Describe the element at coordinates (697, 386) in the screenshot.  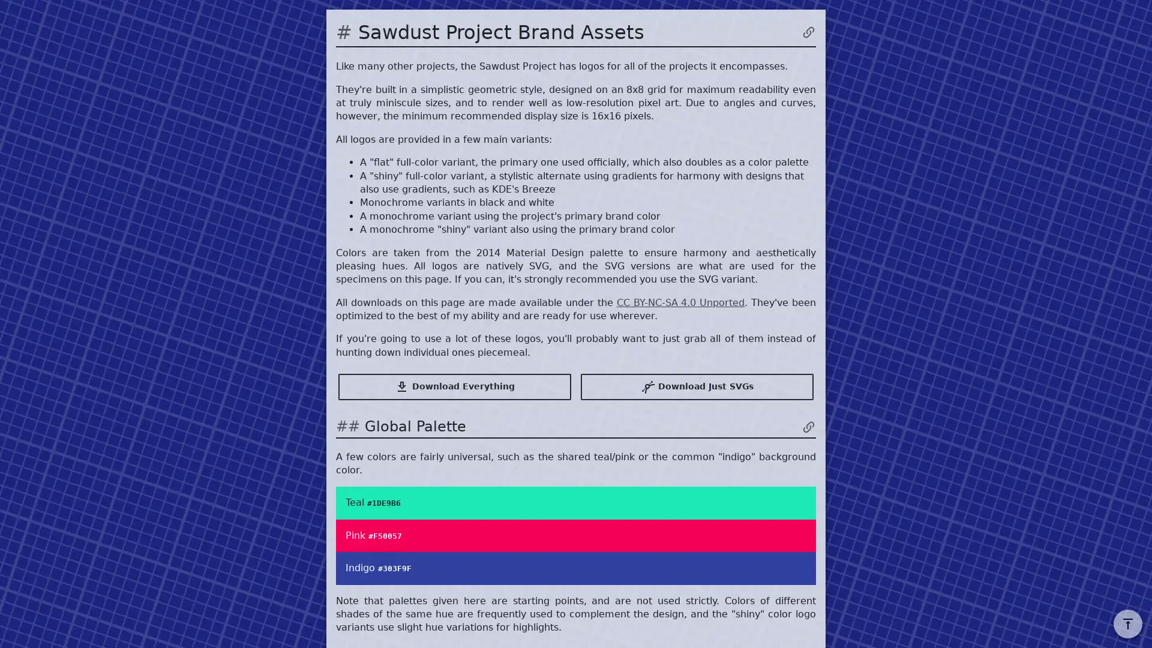
I see `Download Just SVGs` at that location.